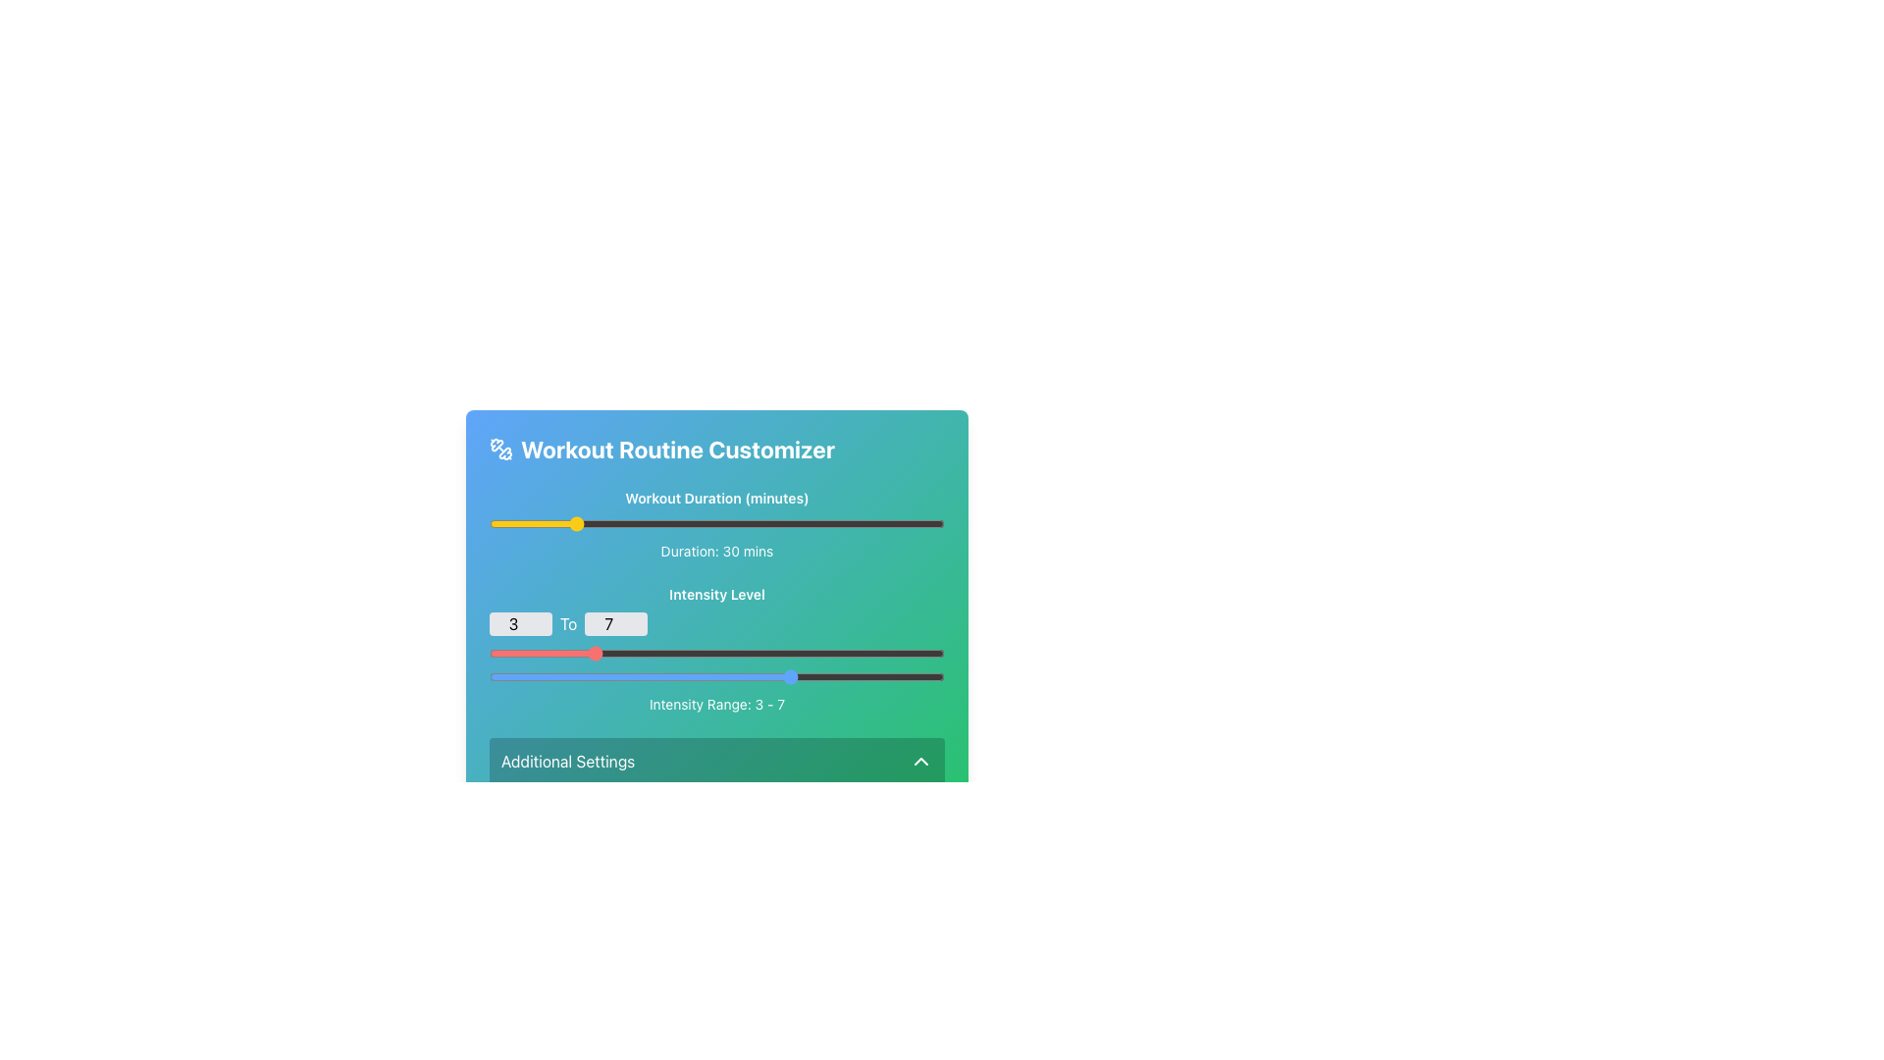  Describe the element at coordinates (684, 522) in the screenshot. I see `workout duration` at that location.